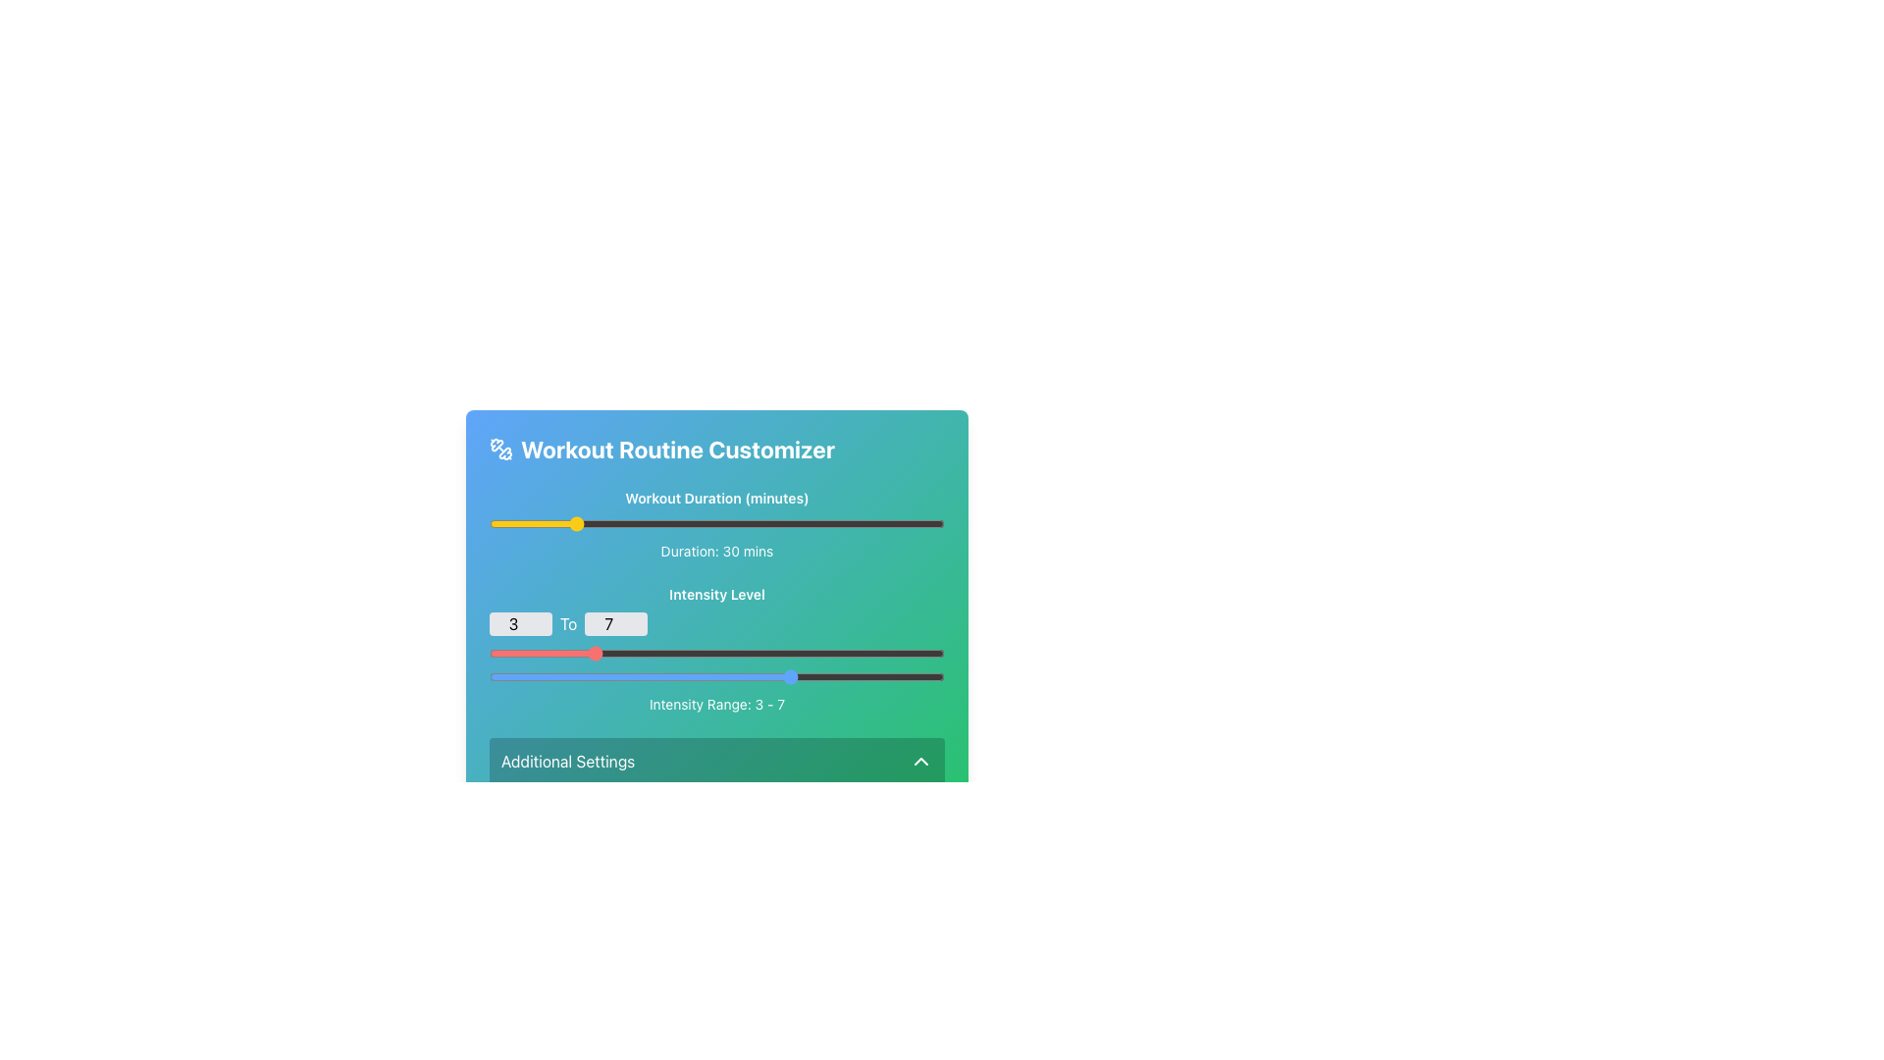  Describe the element at coordinates (684, 522) in the screenshot. I see `workout duration` at that location.